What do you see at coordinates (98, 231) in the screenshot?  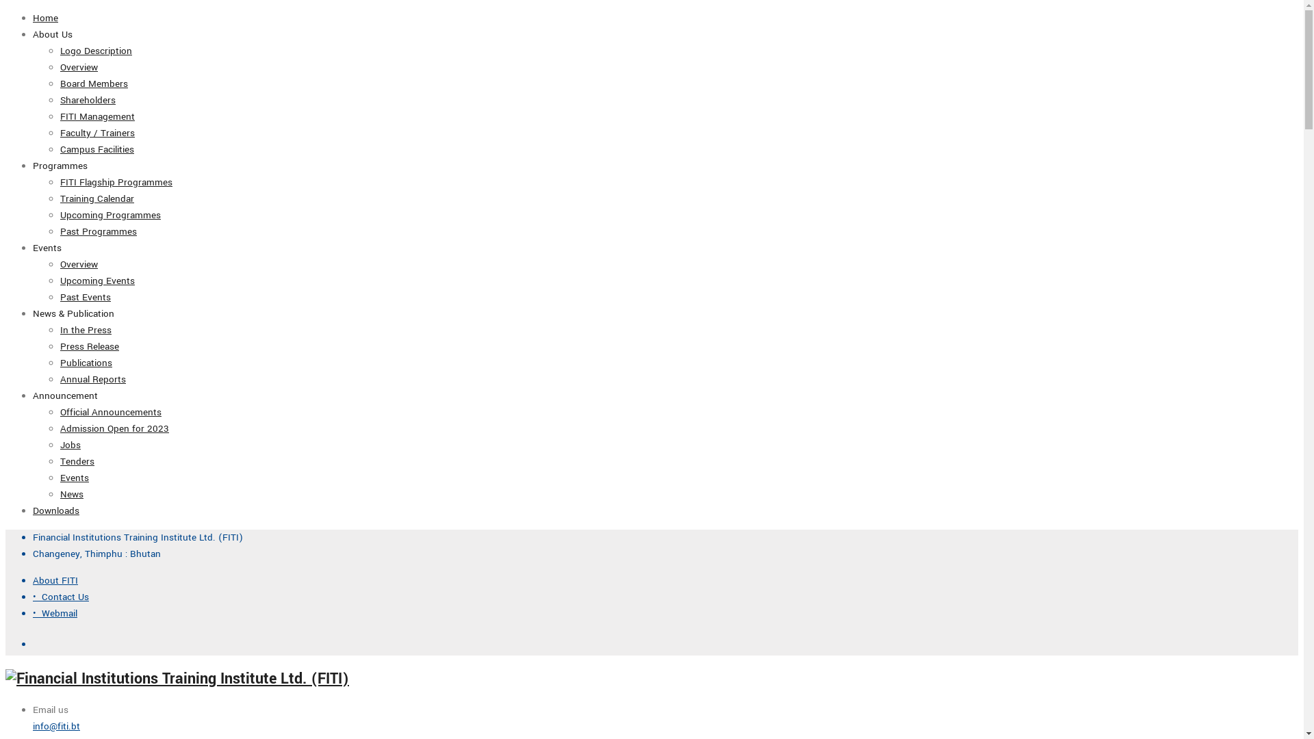 I see `'Past Programmes'` at bounding box center [98, 231].